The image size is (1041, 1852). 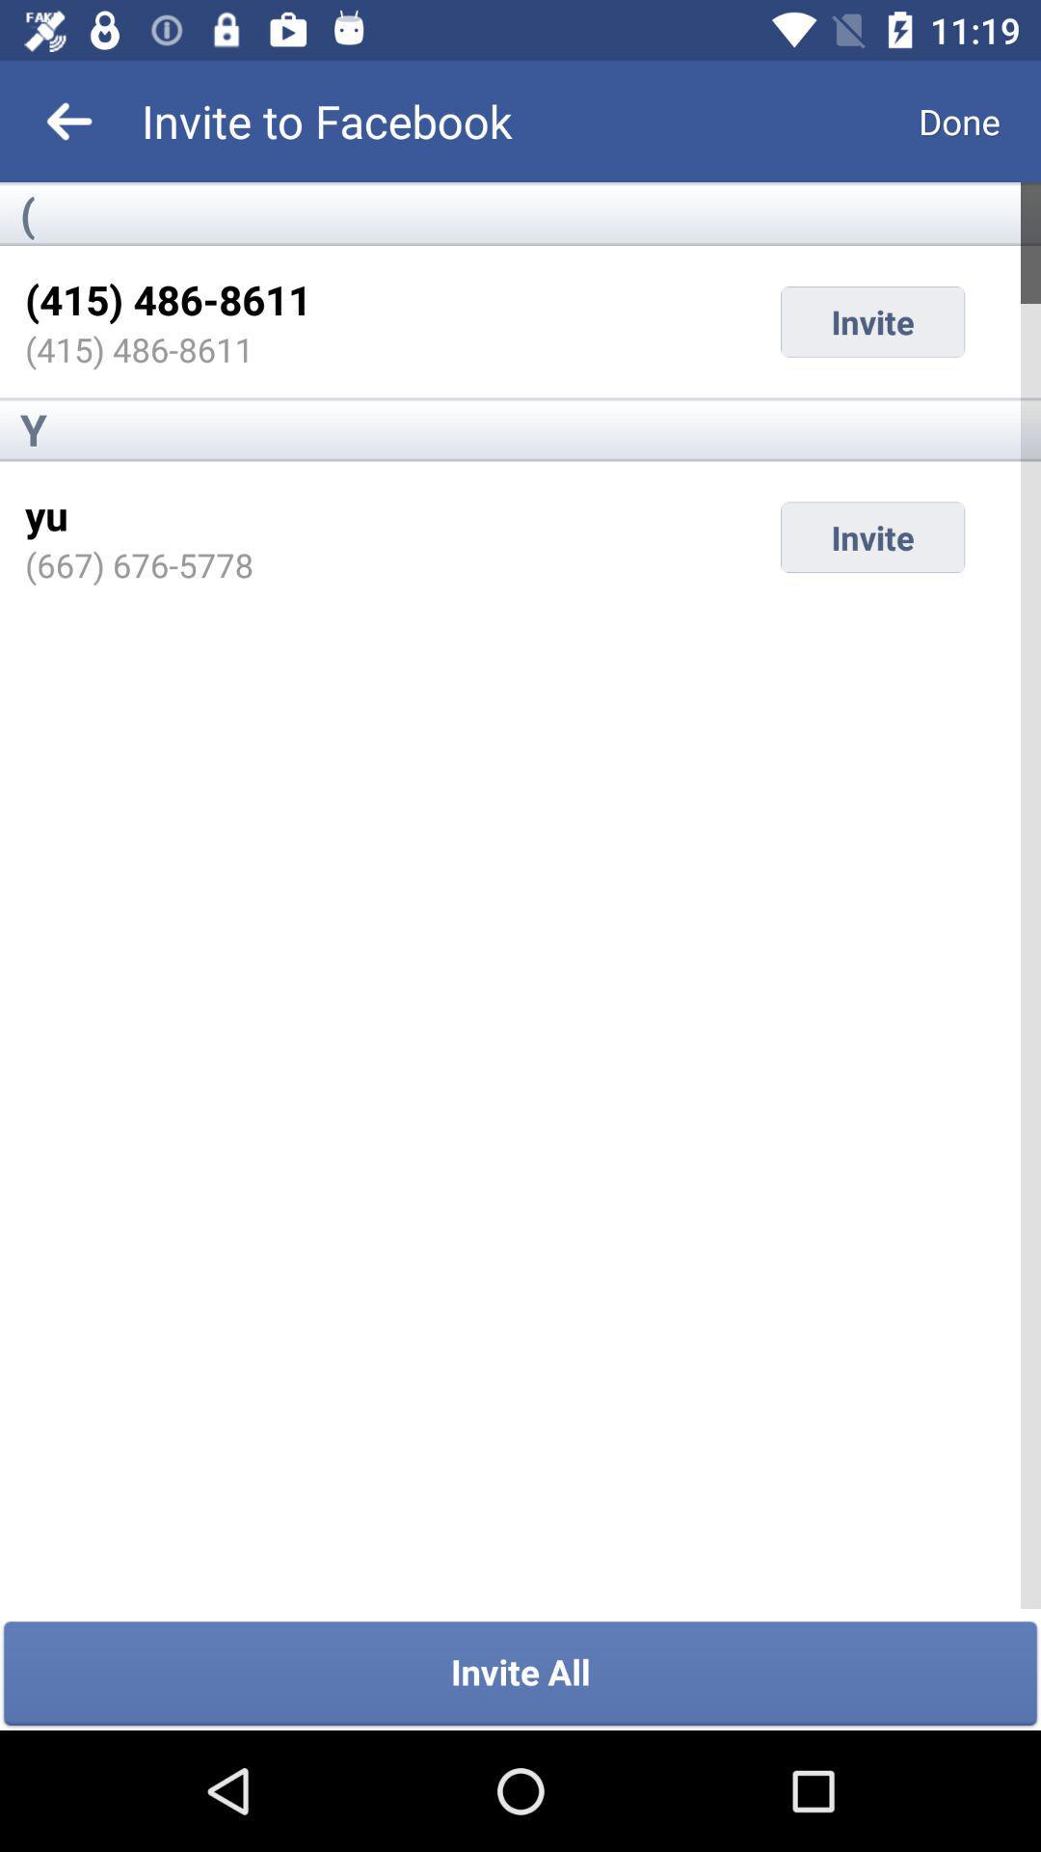 What do you see at coordinates (45, 514) in the screenshot?
I see `icon above the (667) 676-5778 item` at bounding box center [45, 514].